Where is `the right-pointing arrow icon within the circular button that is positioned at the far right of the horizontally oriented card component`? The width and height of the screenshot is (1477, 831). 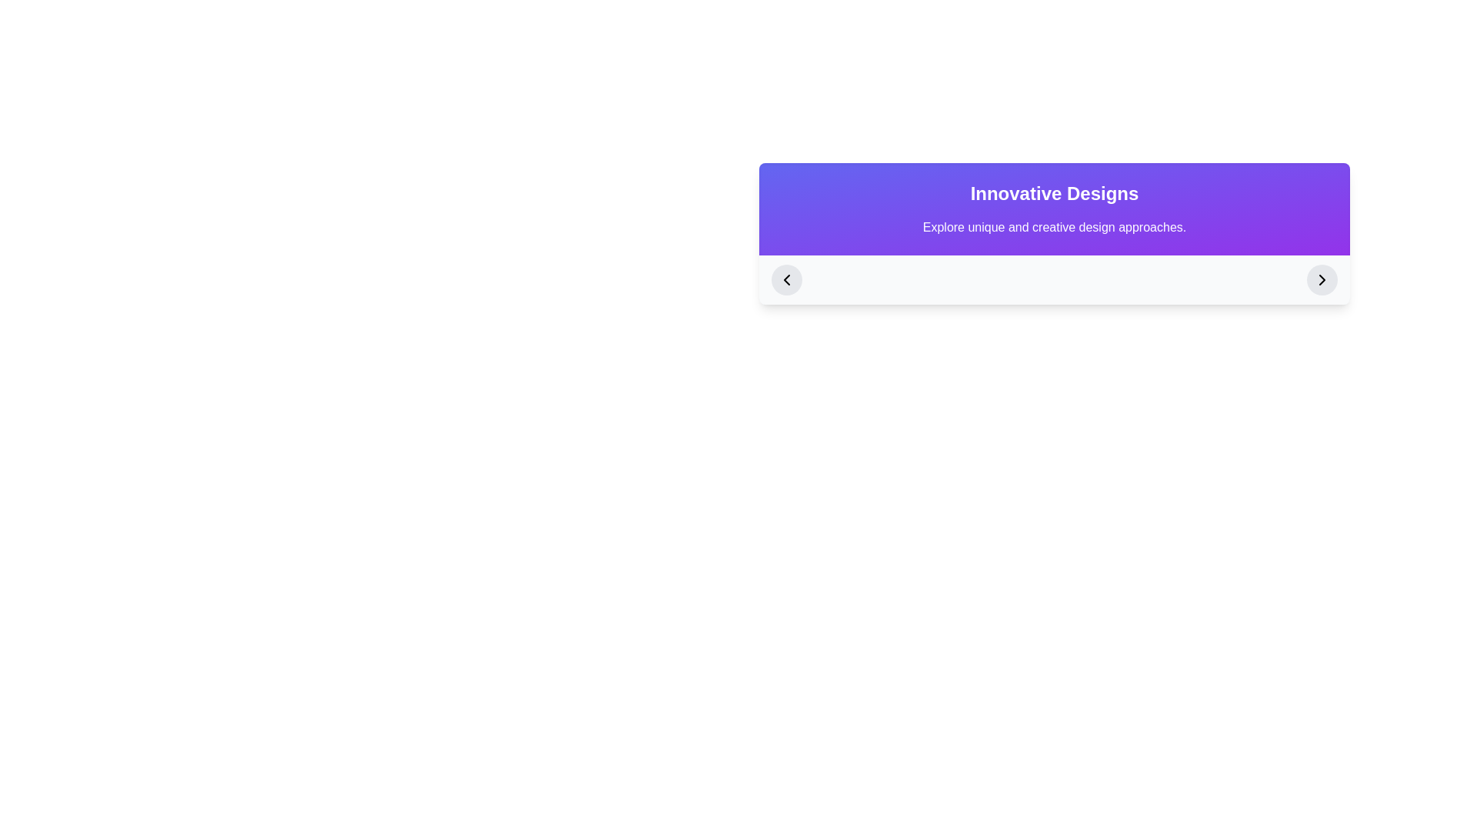
the right-pointing arrow icon within the circular button that is positioned at the far right of the horizontally oriented card component is located at coordinates (1321, 279).